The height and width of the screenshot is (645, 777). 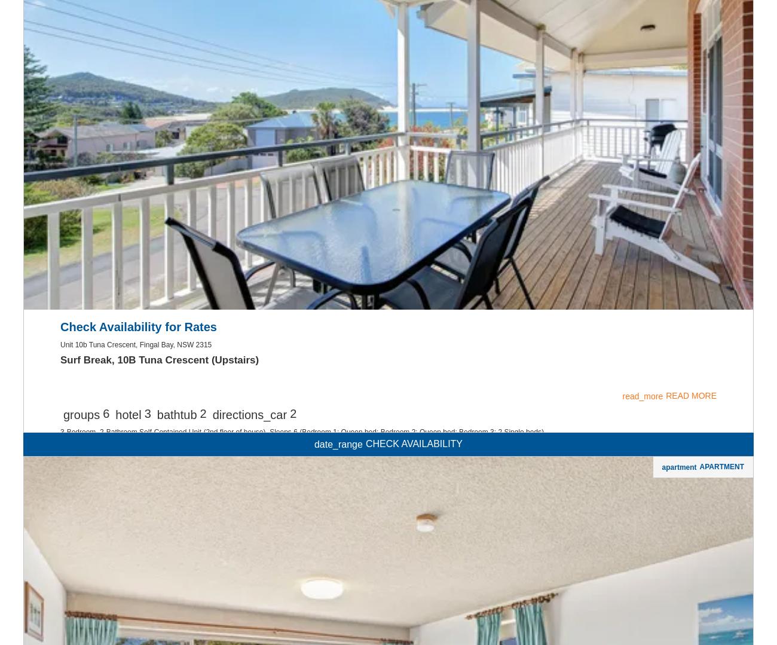 I want to click on 'bathtub', so click(x=155, y=567).